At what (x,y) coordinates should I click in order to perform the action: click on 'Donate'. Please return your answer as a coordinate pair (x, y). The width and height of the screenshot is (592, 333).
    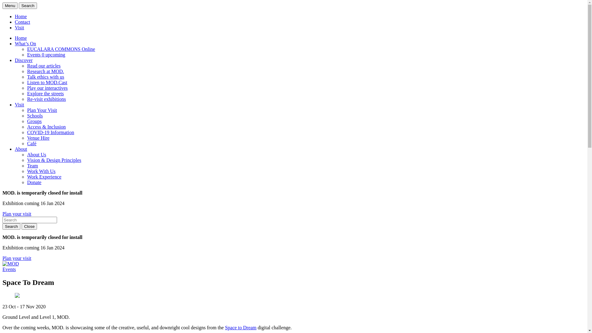
    Looking at the image, I should click on (34, 182).